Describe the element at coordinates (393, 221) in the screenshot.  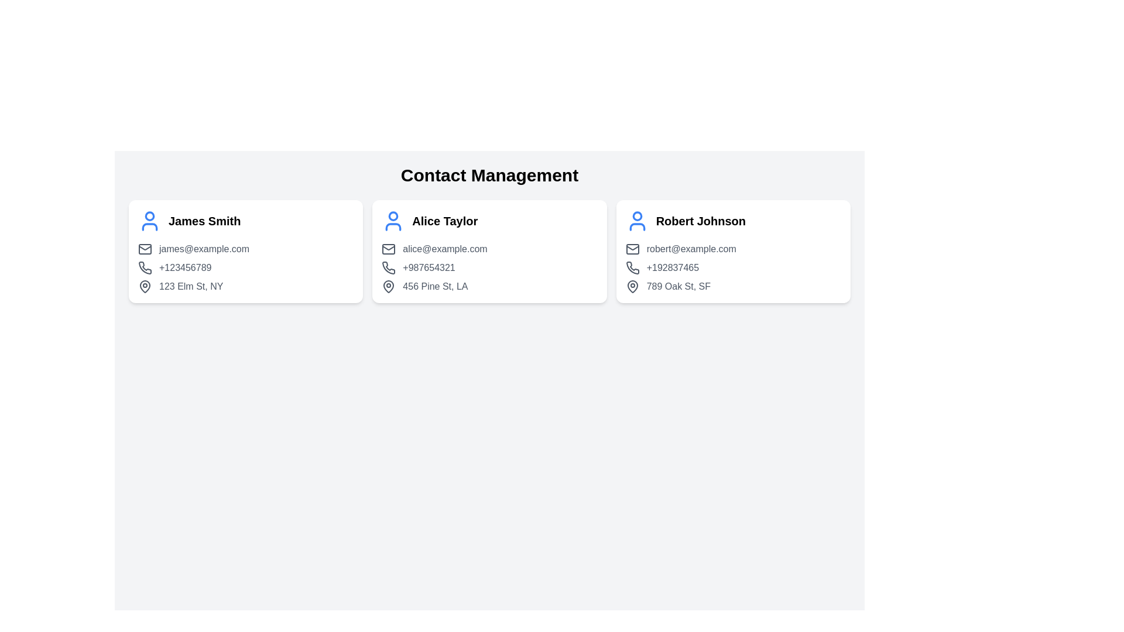
I see `the blue user icon resembling a simplified human figure within a circle, located to the left of the name 'Alice Taylor' on the card` at that location.